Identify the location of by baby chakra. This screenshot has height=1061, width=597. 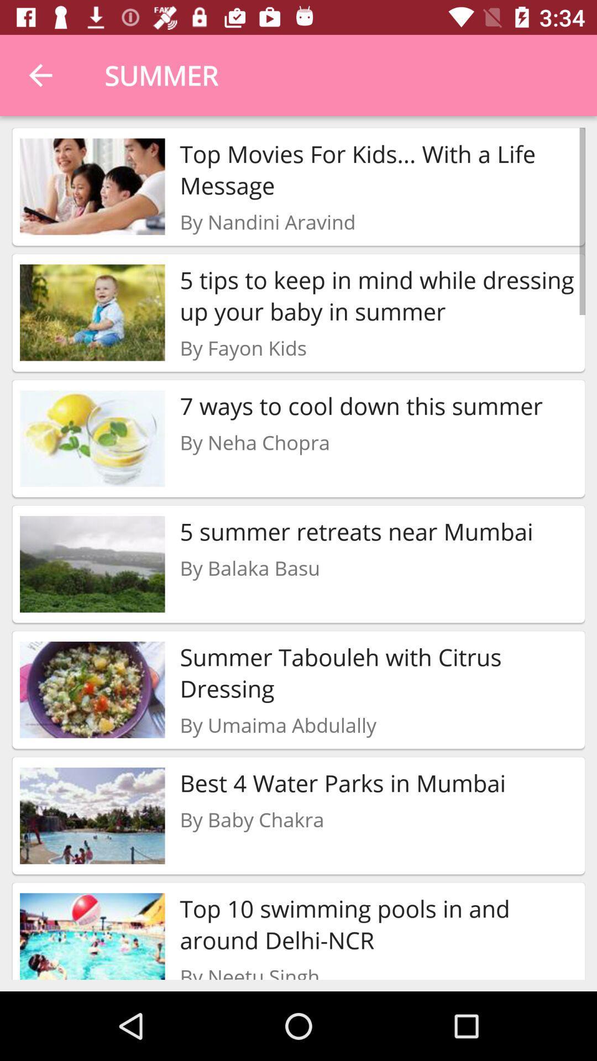
(252, 820).